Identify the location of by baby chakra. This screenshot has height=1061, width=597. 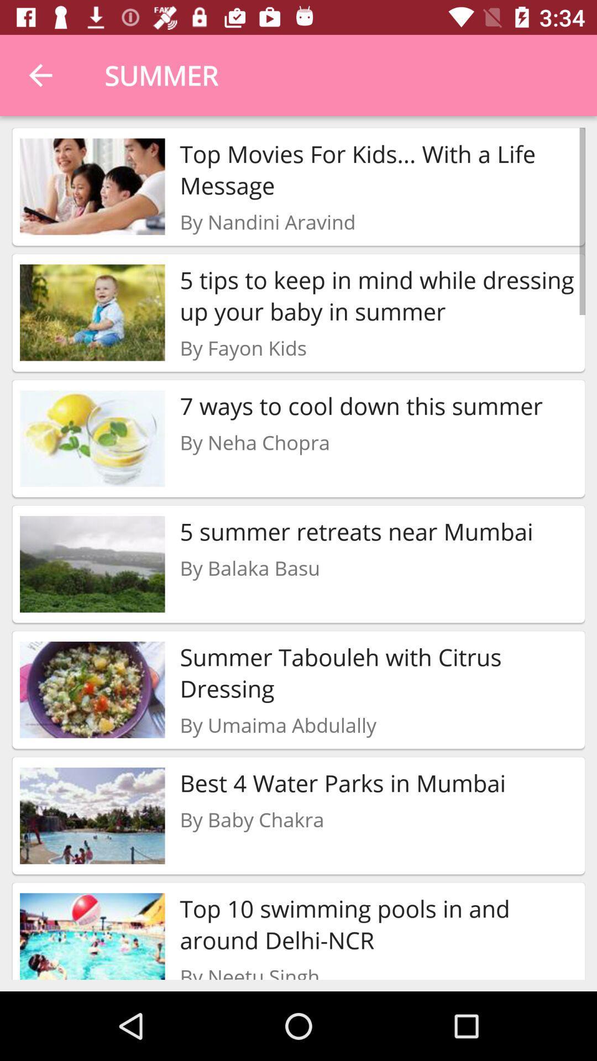
(252, 820).